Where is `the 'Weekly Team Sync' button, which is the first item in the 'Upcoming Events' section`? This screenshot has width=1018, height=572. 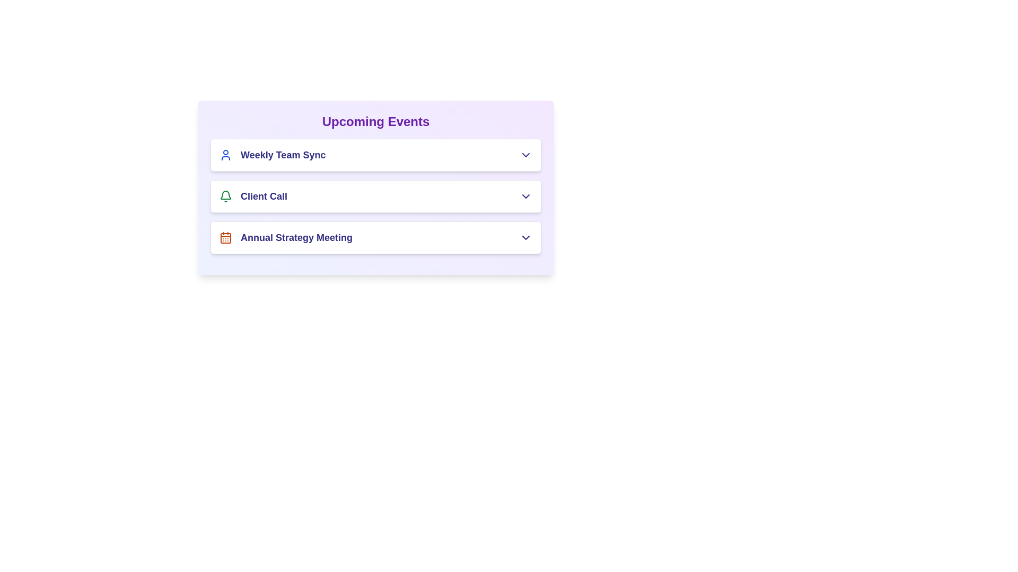 the 'Weekly Team Sync' button, which is the first item in the 'Upcoming Events' section is located at coordinates (376, 155).